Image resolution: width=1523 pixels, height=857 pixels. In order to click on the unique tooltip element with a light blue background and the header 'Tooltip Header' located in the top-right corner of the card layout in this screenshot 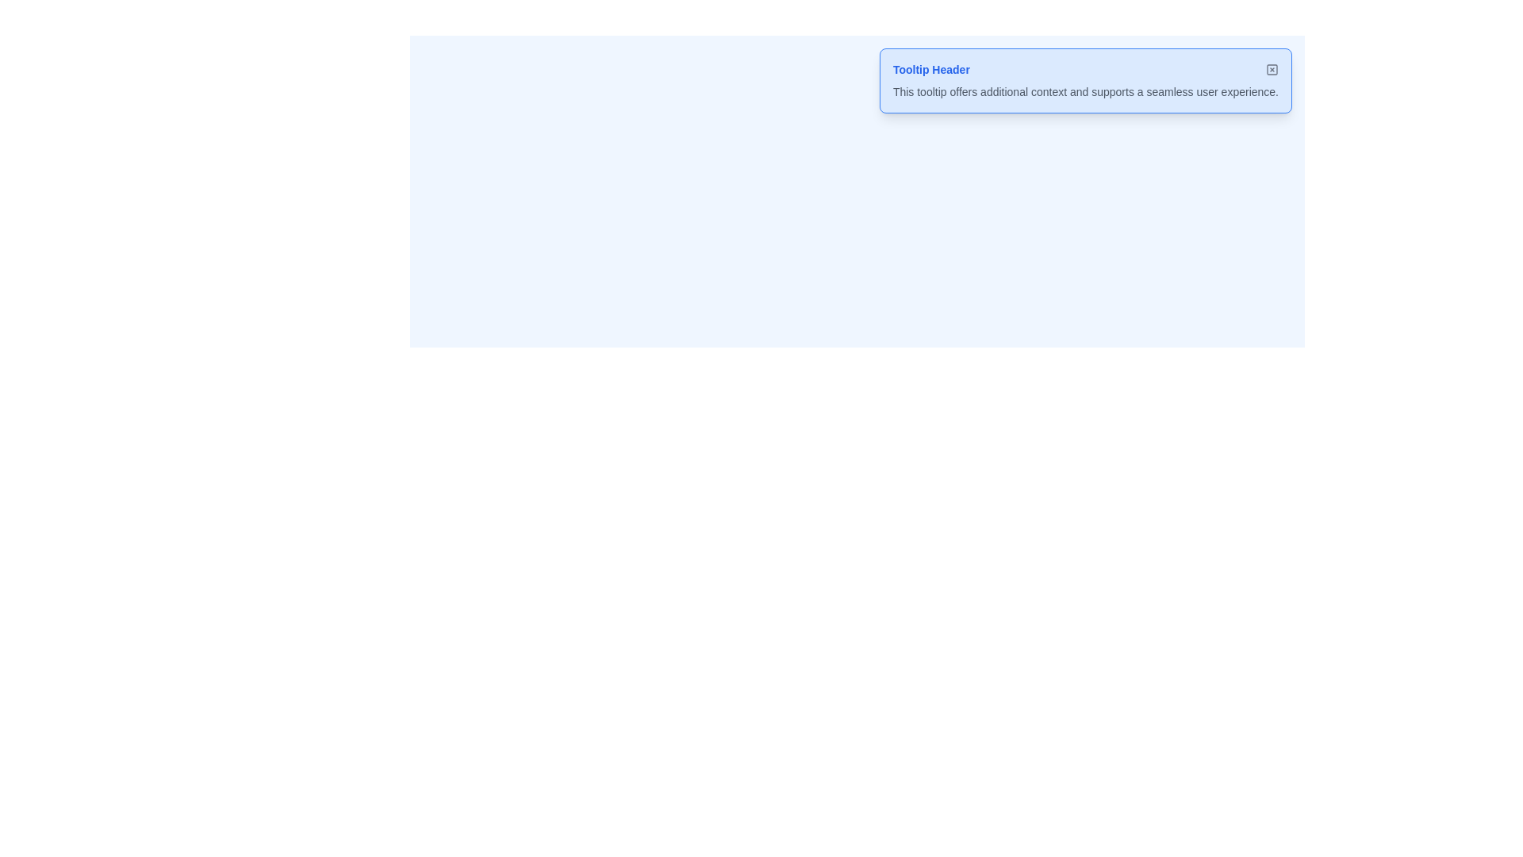, I will do `click(1084, 80)`.